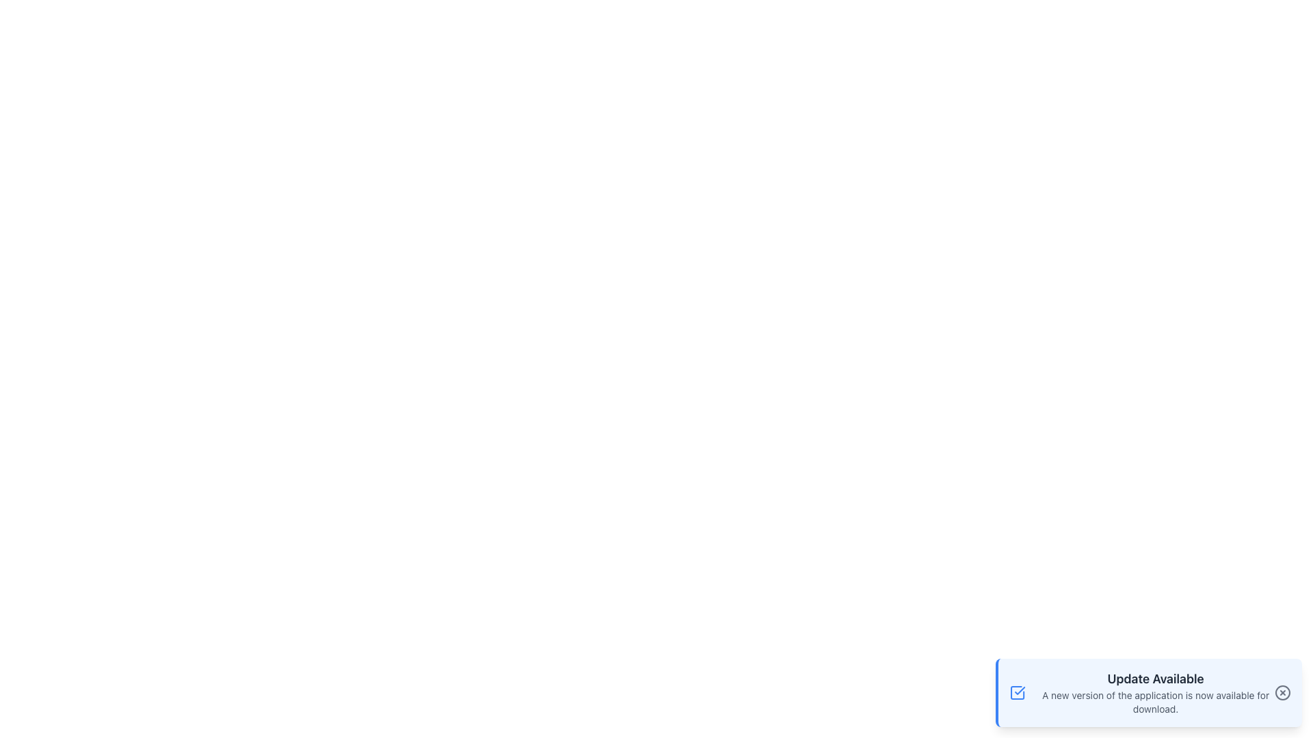 The width and height of the screenshot is (1313, 738). What do you see at coordinates (1282, 693) in the screenshot?
I see `the 'x' icon in the bottom-right corner of the notification modal` at bounding box center [1282, 693].